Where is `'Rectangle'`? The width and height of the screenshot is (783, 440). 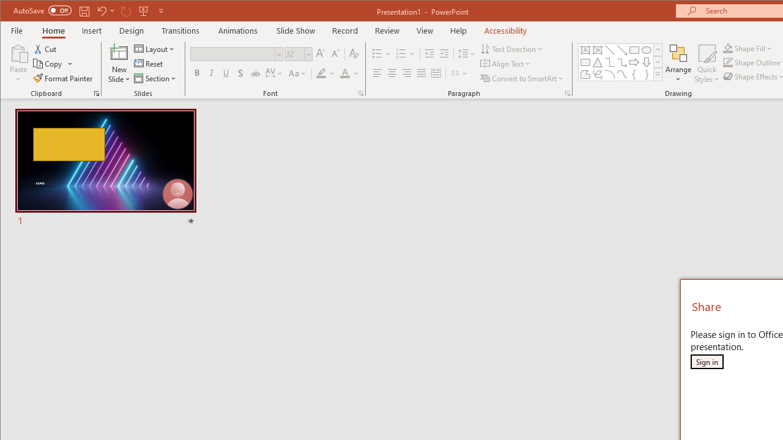
'Rectangle' is located at coordinates (634, 50).